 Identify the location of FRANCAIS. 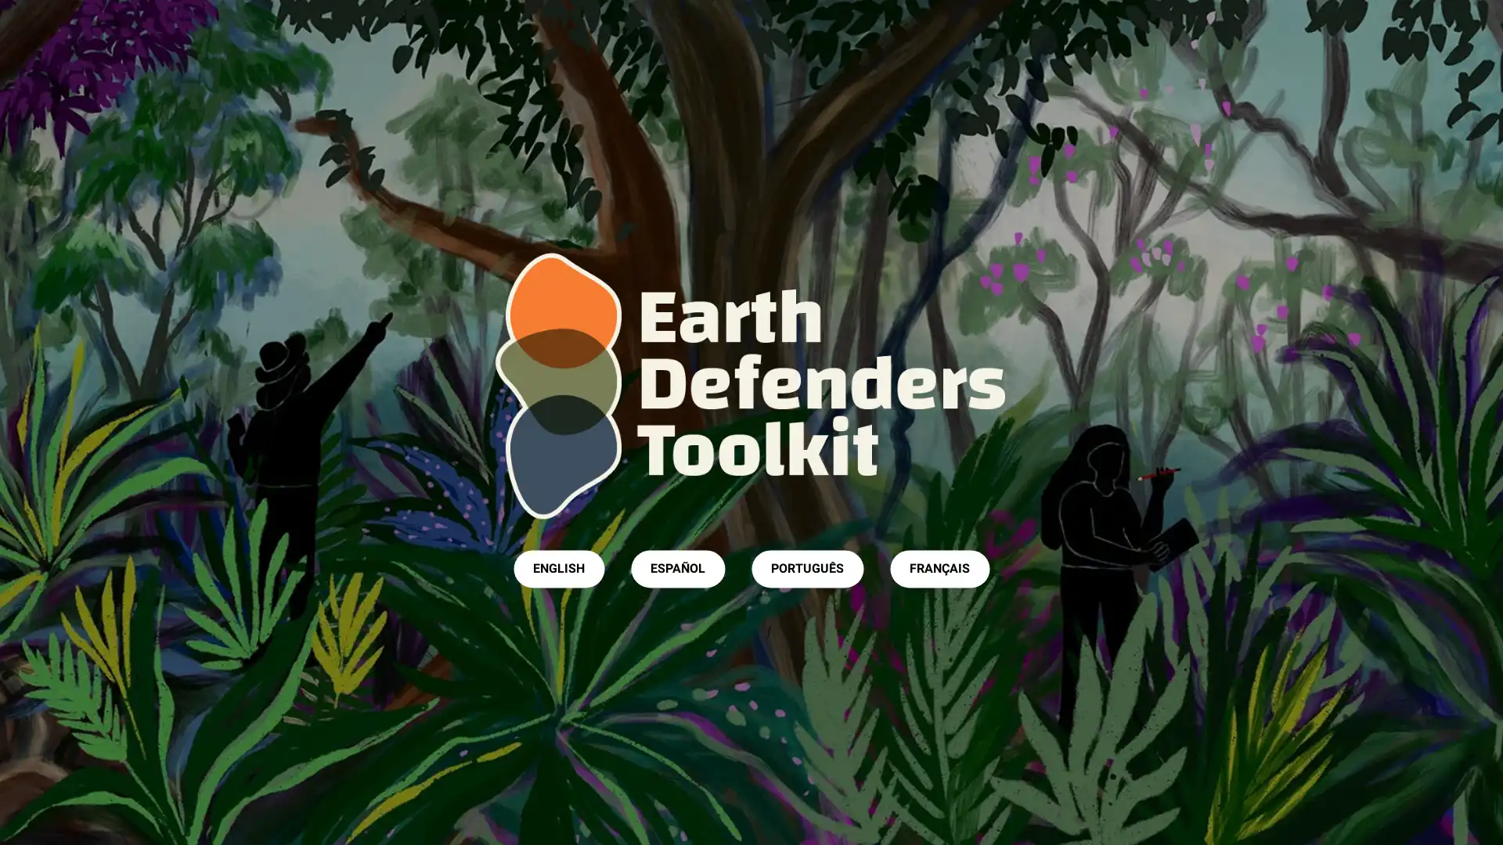
(939, 568).